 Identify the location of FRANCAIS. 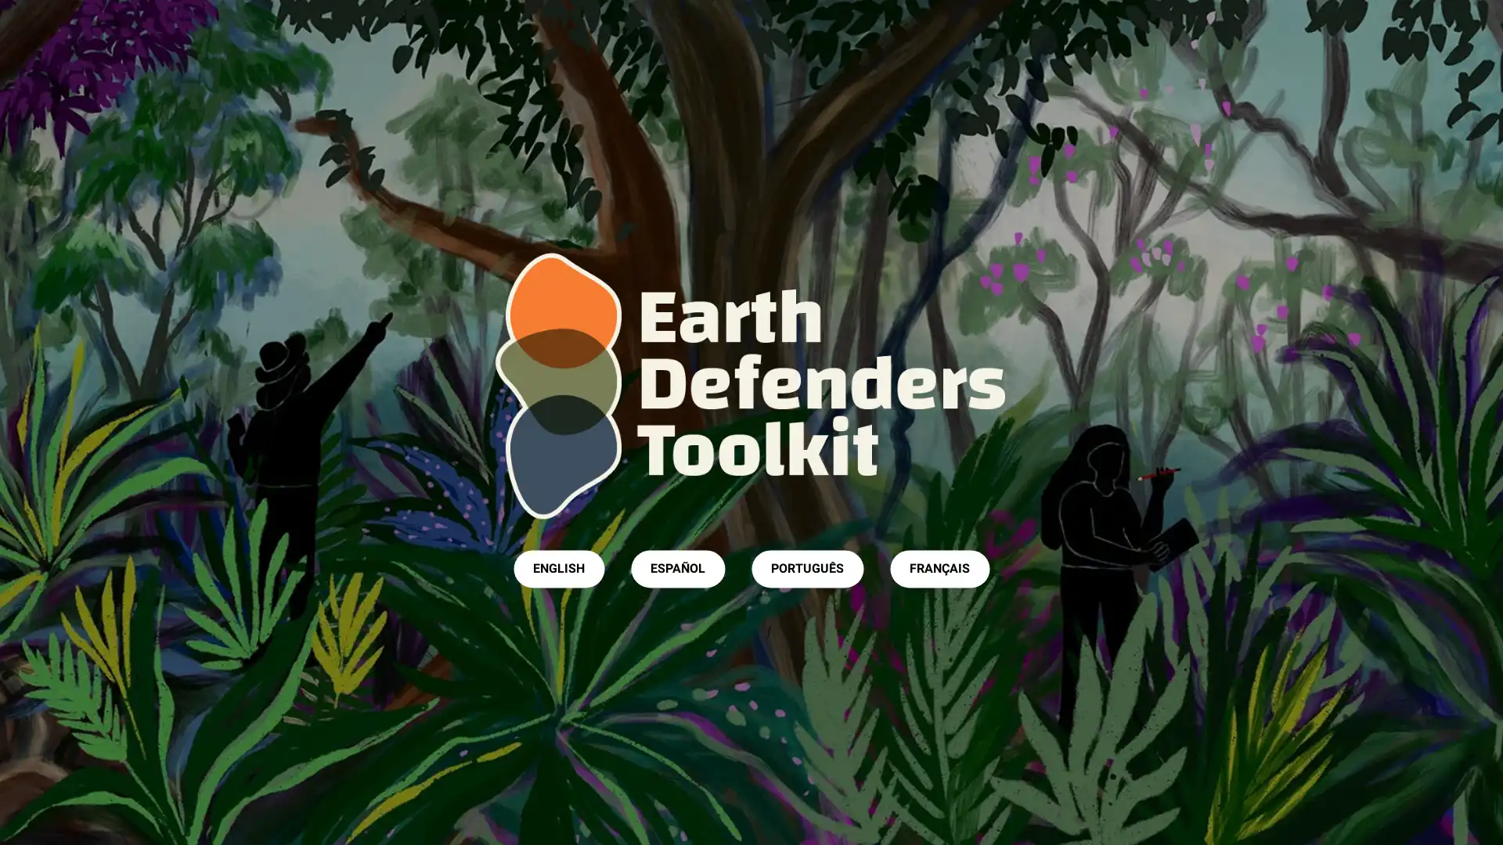
(939, 568).